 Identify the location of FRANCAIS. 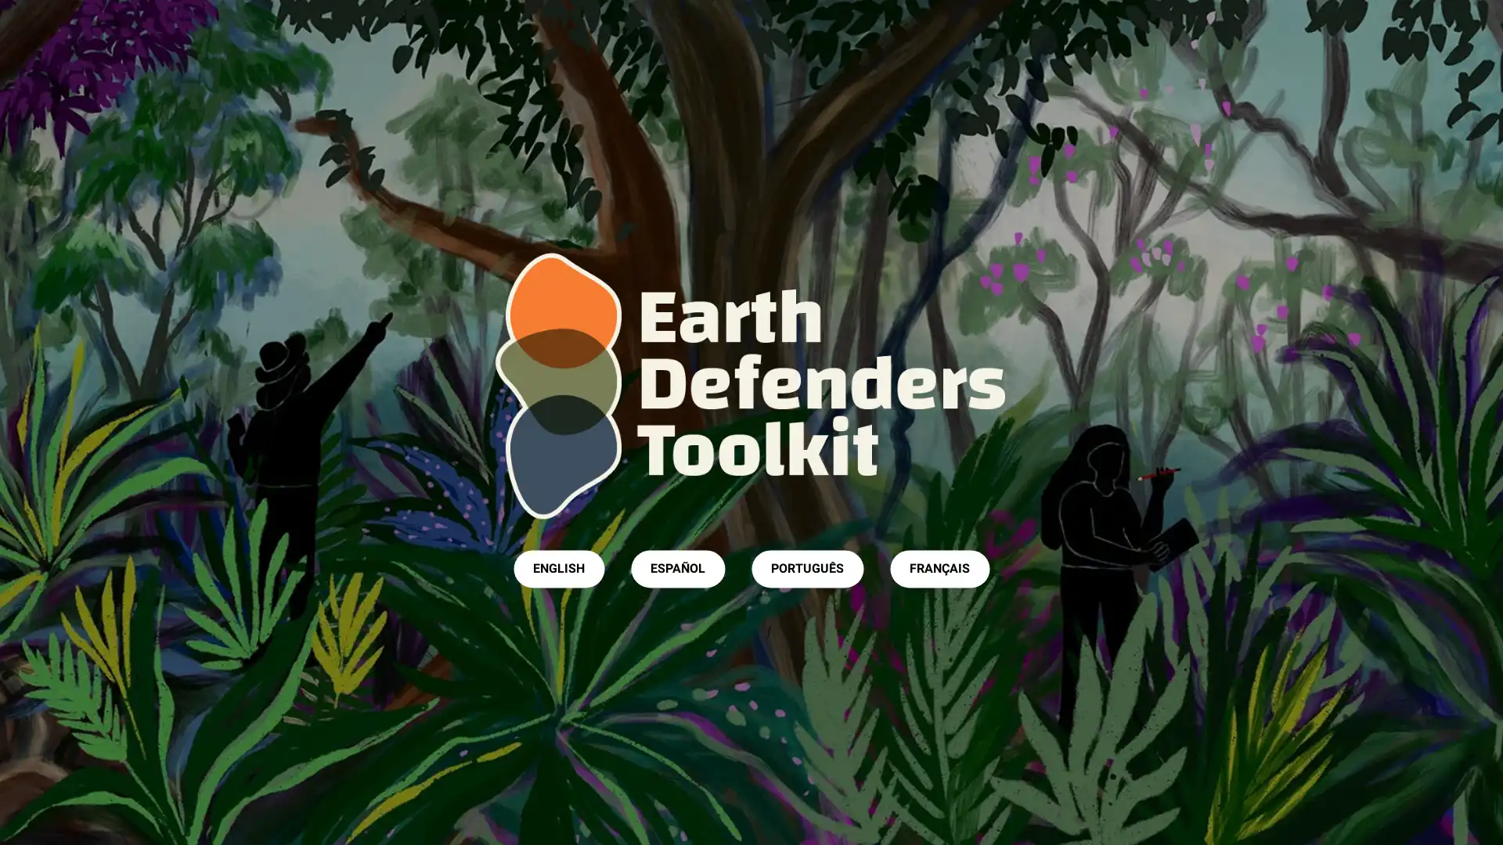
(939, 568).